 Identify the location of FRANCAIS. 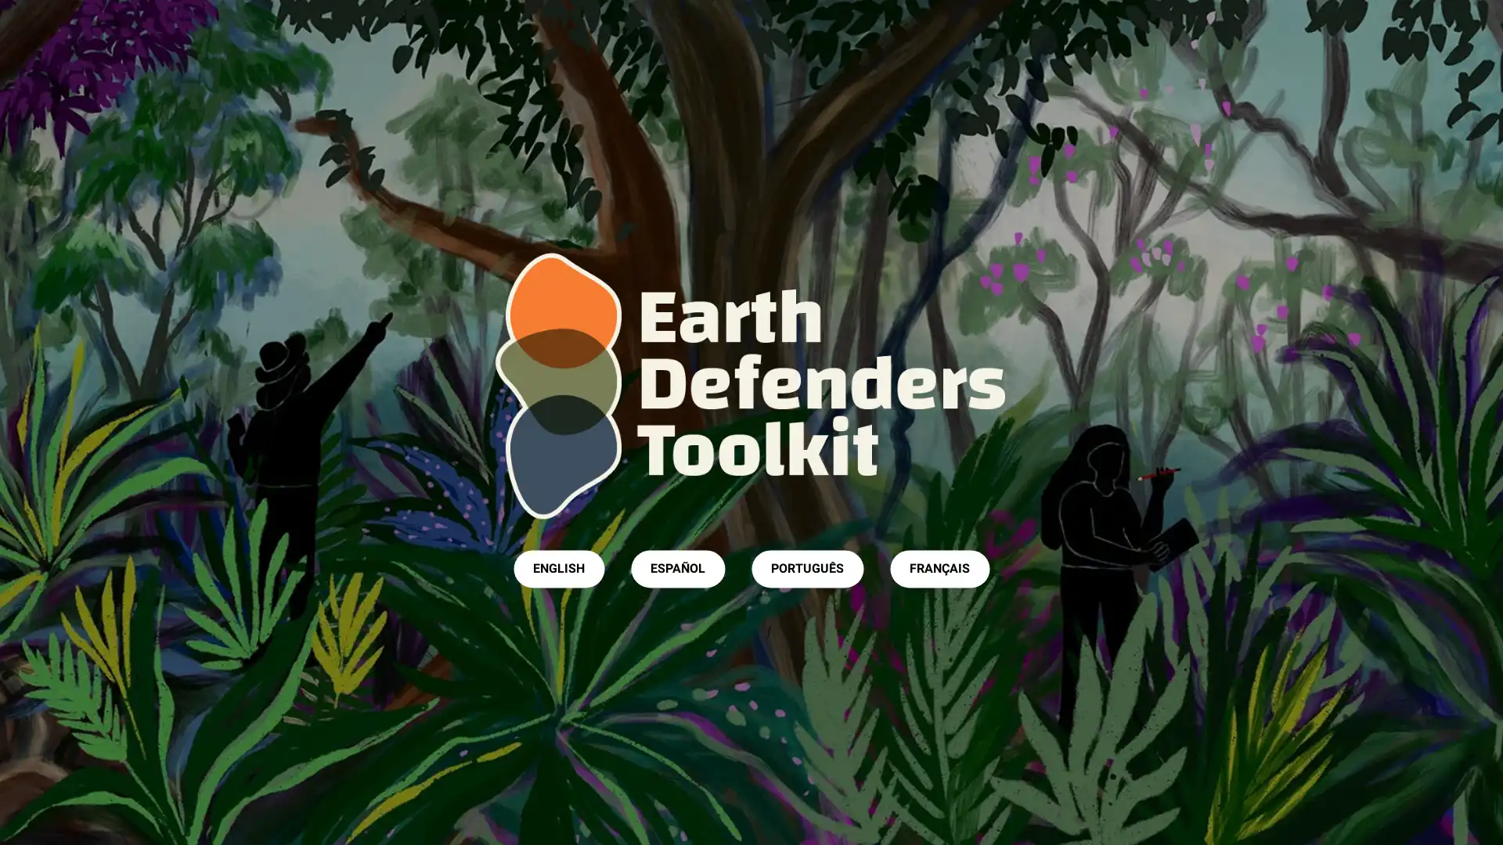
(939, 568).